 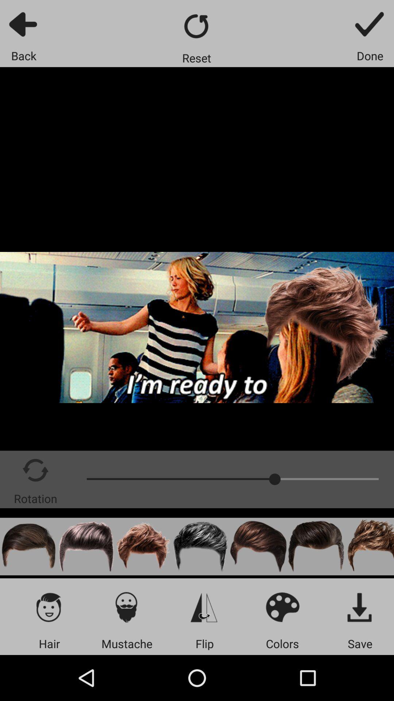 What do you see at coordinates (316, 547) in the screenshot?
I see `hairstyle` at bounding box center [316, 547].